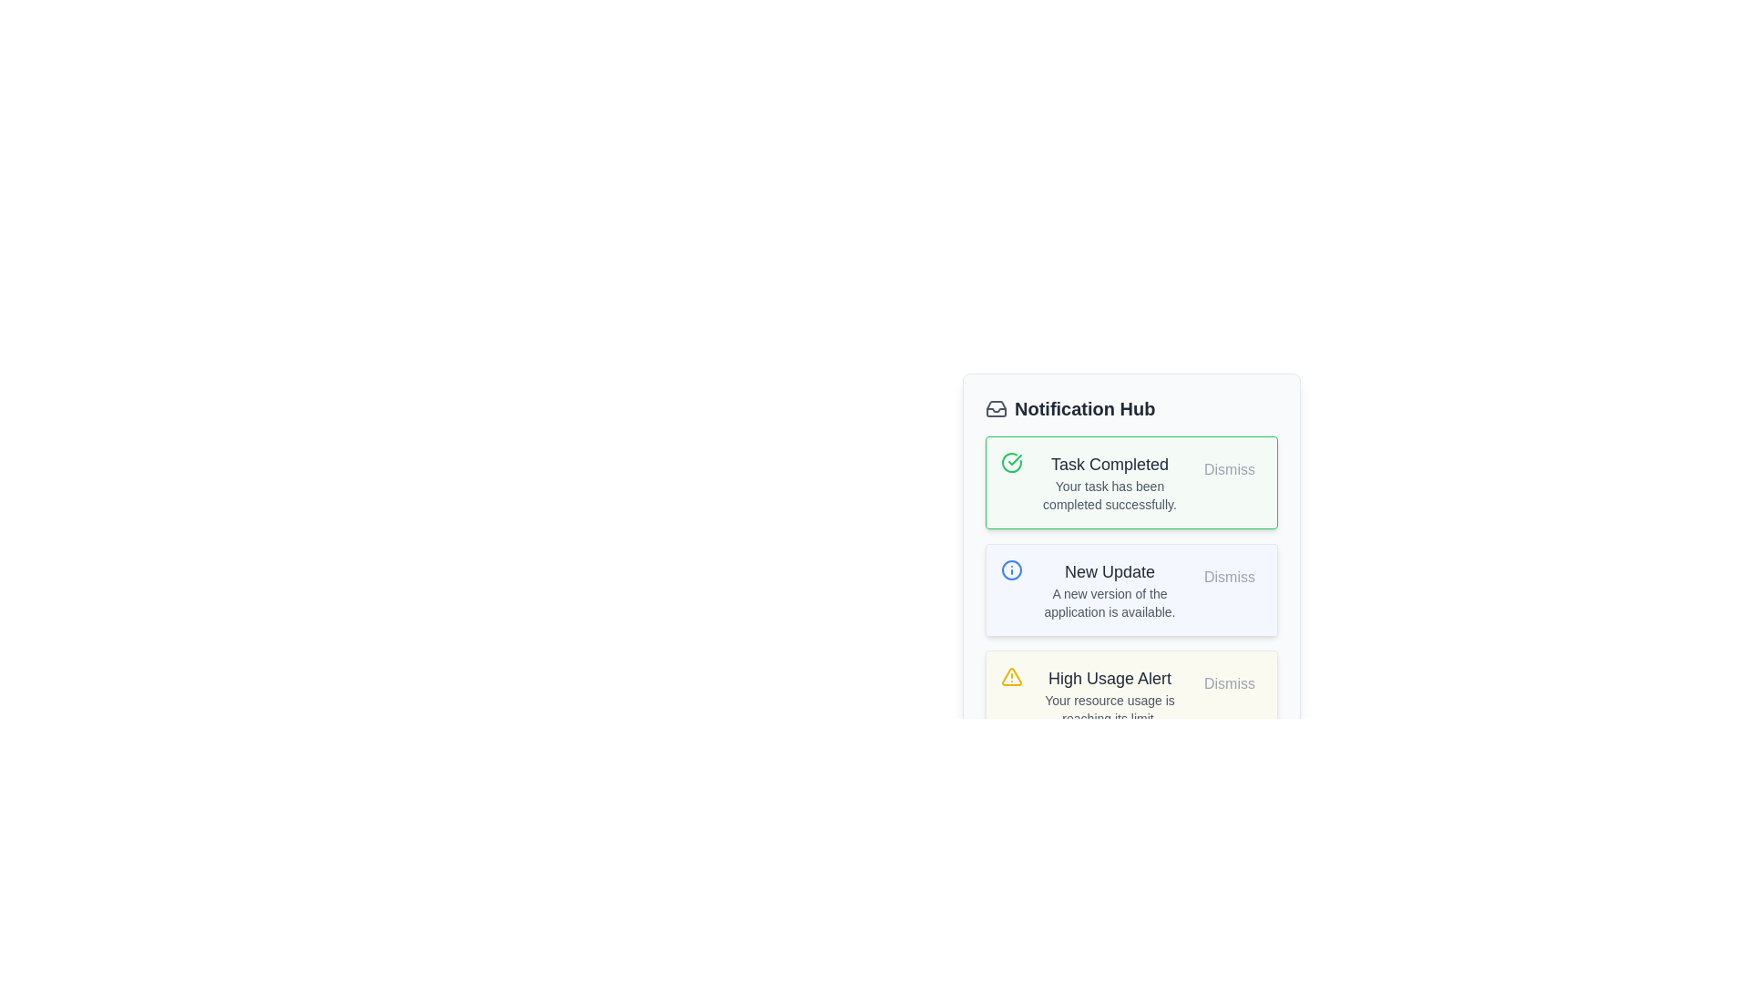 The height and width of the screenshot is (984, 1749). I want to click on the static text that indicates 'A new version of the application is available,' which is located beneath the title 'New Update' within the notification card, so click(1109, 603).